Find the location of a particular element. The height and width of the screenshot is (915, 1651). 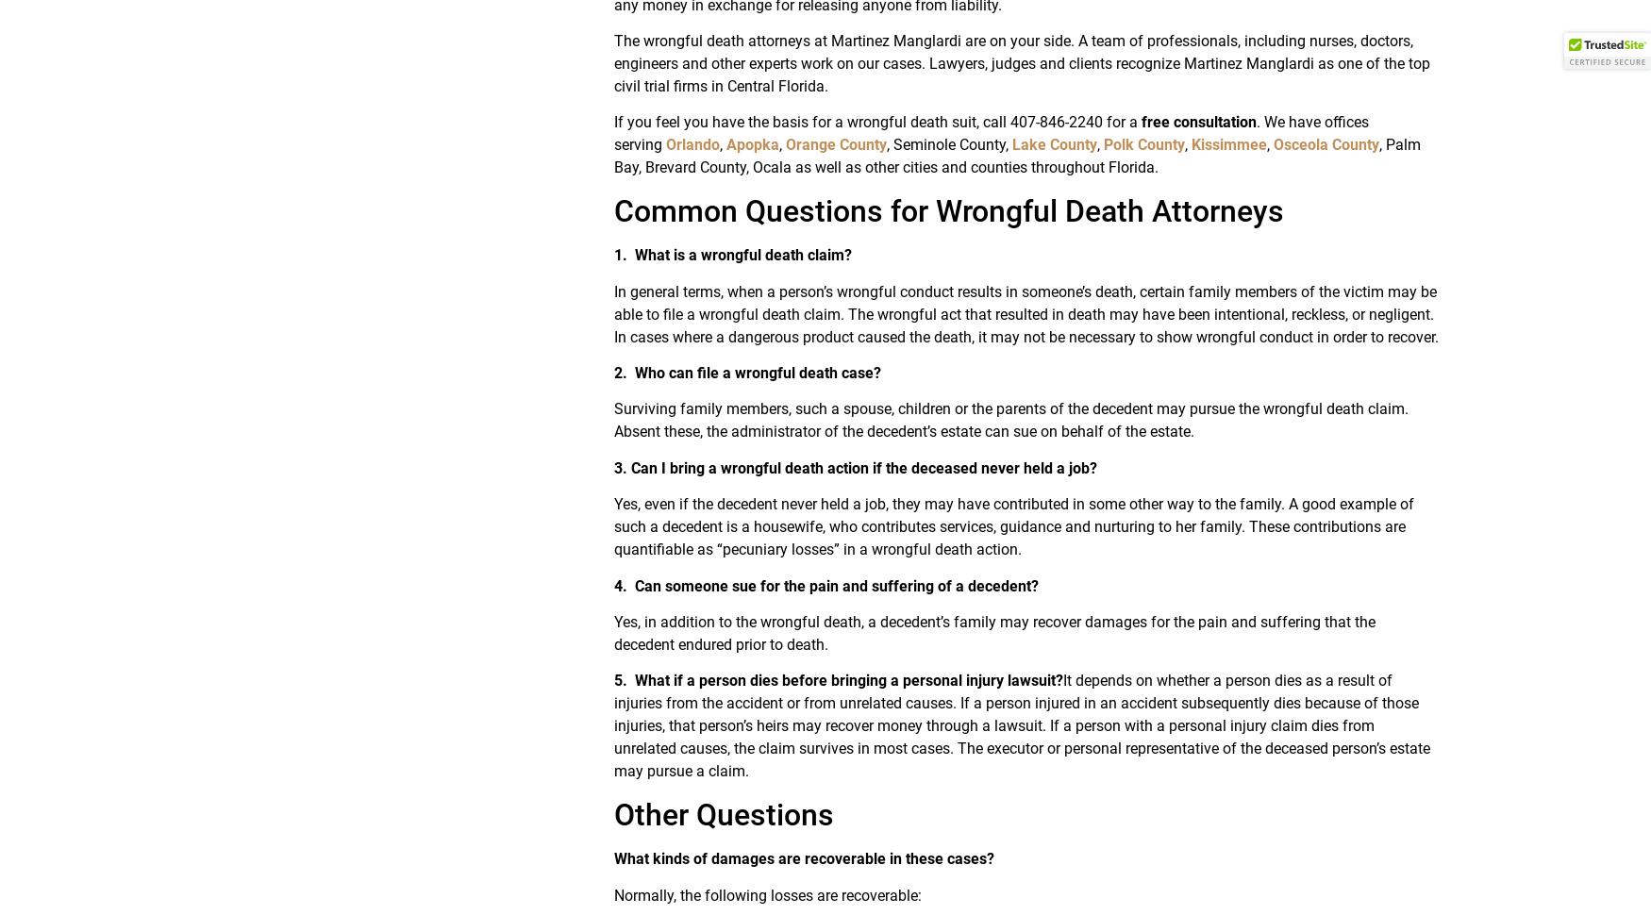

'Common Questions for Wrongful Death Attorneys' is located at coordinates (947, 210).